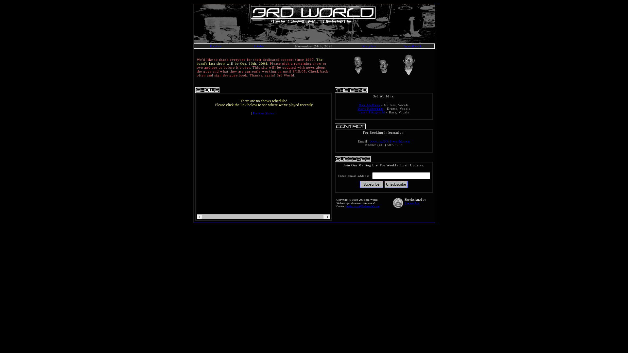 The height and width of the screenshot is (353, 628). What do you see at coordinates (362, 206) in the screenshot?
I see `'webmaster@3rd-world.com'` at bounding box center [362, 206].